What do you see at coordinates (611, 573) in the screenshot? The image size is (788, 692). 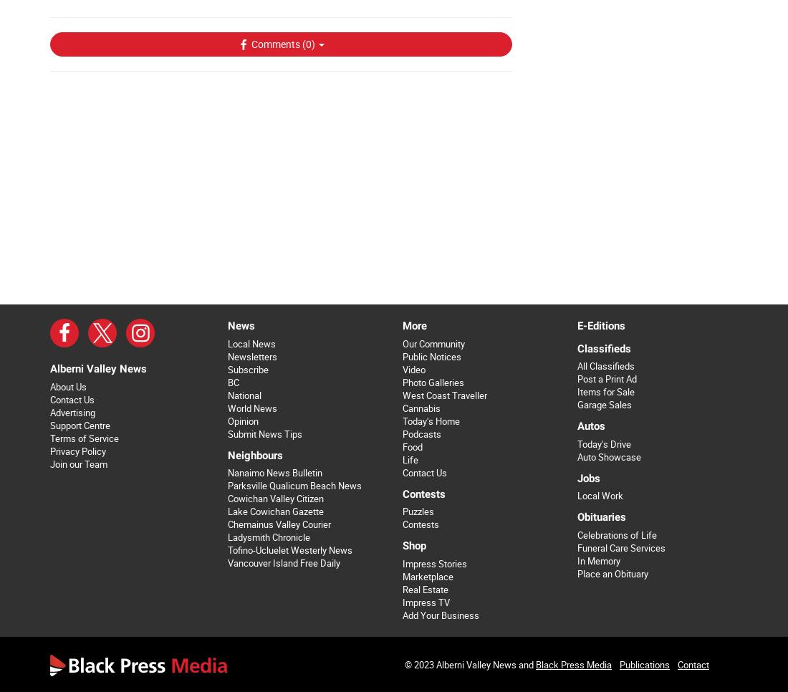 I see `'Place an Obituary'` at bounding box center [611, 573].